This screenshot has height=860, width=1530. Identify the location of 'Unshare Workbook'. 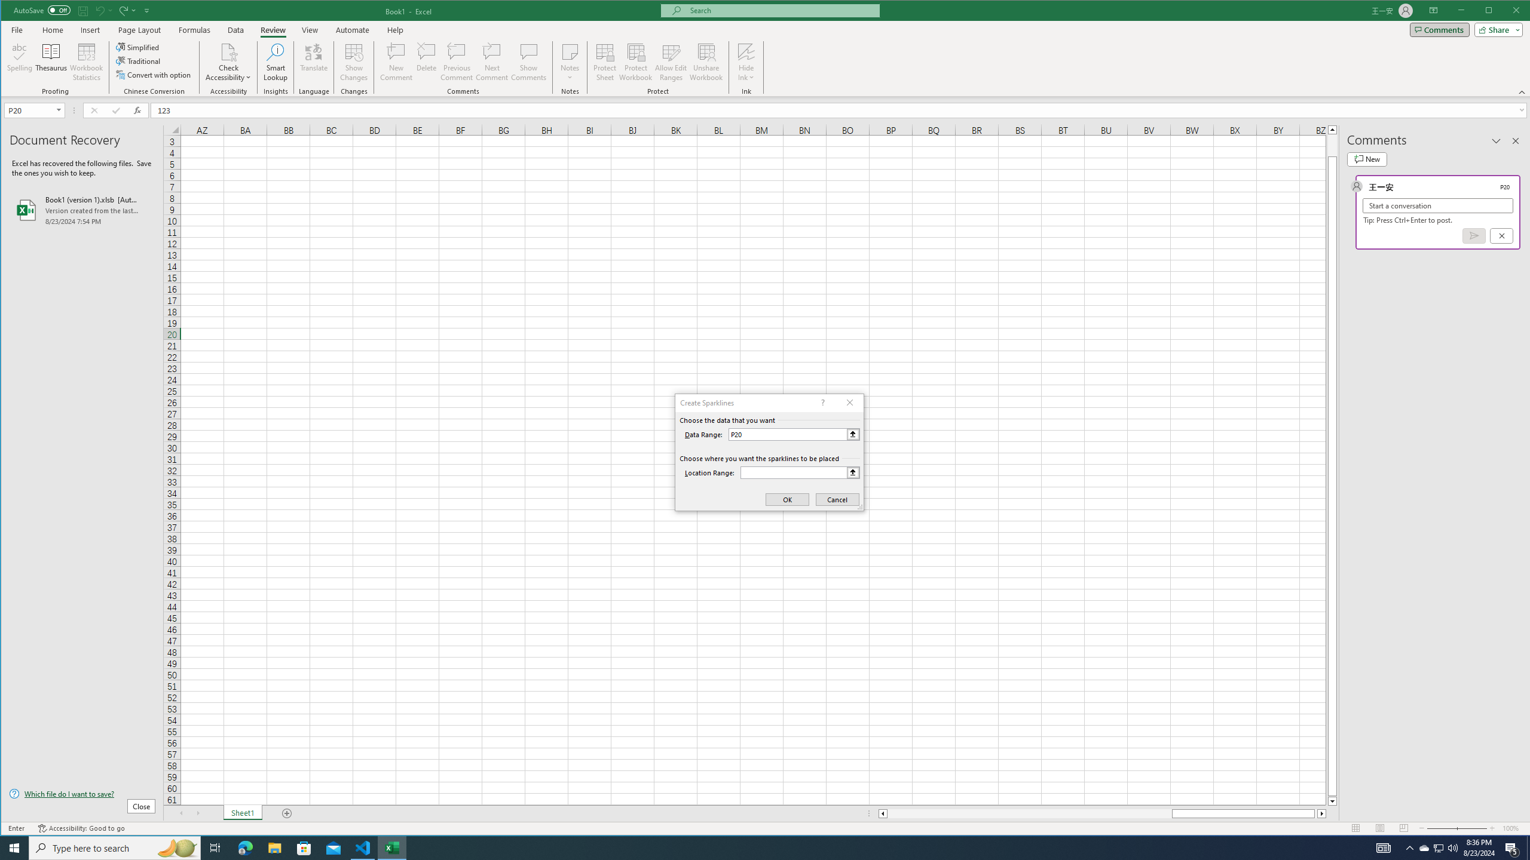
(706, 62).